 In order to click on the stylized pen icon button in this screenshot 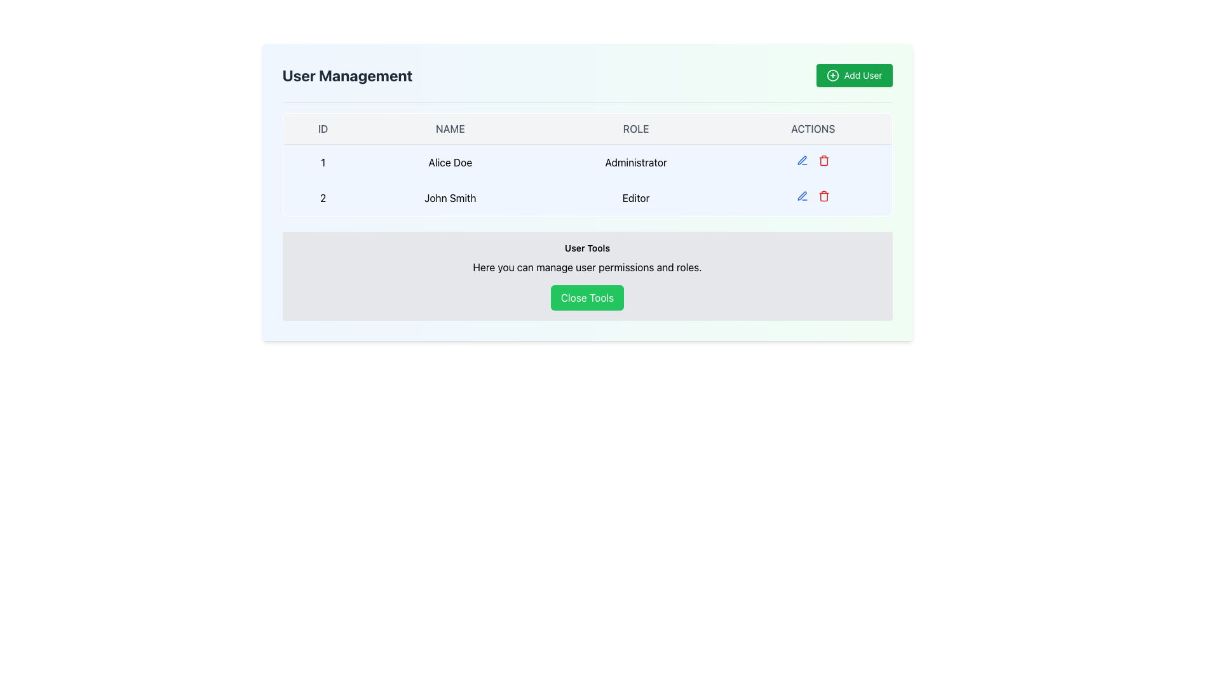, I will do `click(801, 159)`.